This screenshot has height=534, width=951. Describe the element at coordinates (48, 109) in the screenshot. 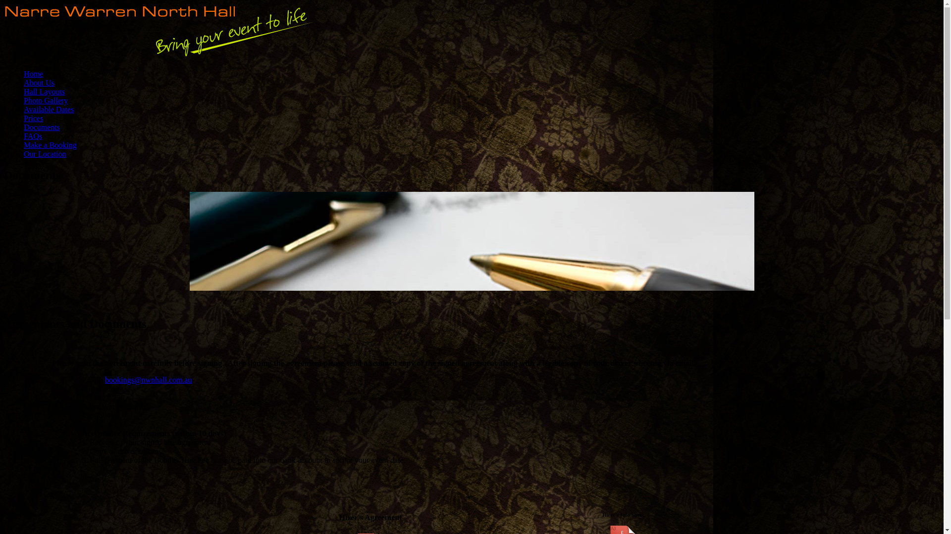

I see `'Available Dates'` at that location.